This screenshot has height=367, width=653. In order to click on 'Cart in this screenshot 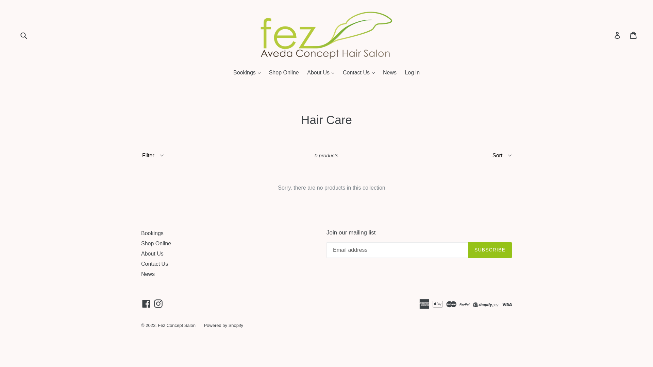, I will do `click(633, 35)`.